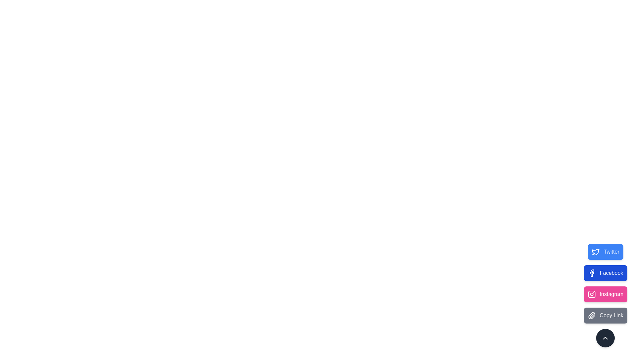 The height and width of the screenshot is (358, 638). I want to click on the Instagram button to observe visual feedback, so click(605, 294).